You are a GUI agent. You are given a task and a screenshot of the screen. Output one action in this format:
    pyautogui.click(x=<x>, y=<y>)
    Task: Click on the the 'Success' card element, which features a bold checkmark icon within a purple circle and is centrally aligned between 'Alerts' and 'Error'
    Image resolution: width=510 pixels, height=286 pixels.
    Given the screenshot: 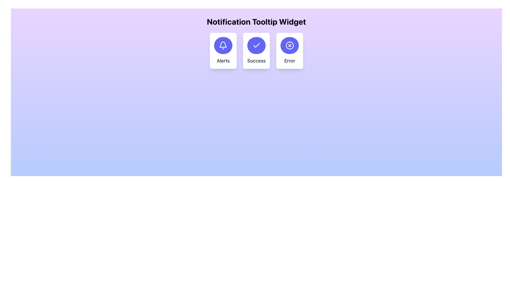 What is the action you would take?
    pyautogui.click(x=256, y=51)
    